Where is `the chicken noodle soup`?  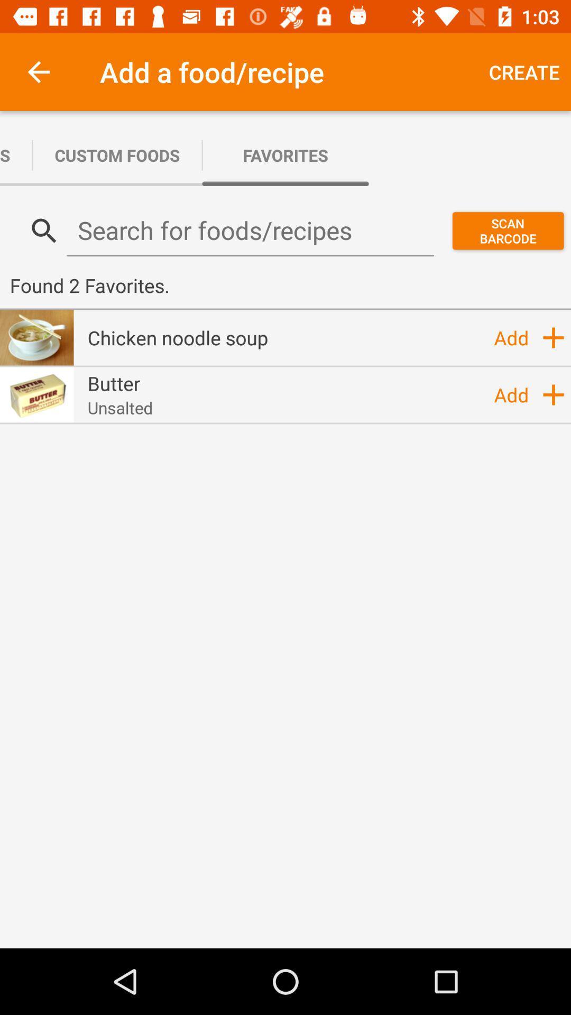
the chicken noodle soup is located at coordinates (177, 337).